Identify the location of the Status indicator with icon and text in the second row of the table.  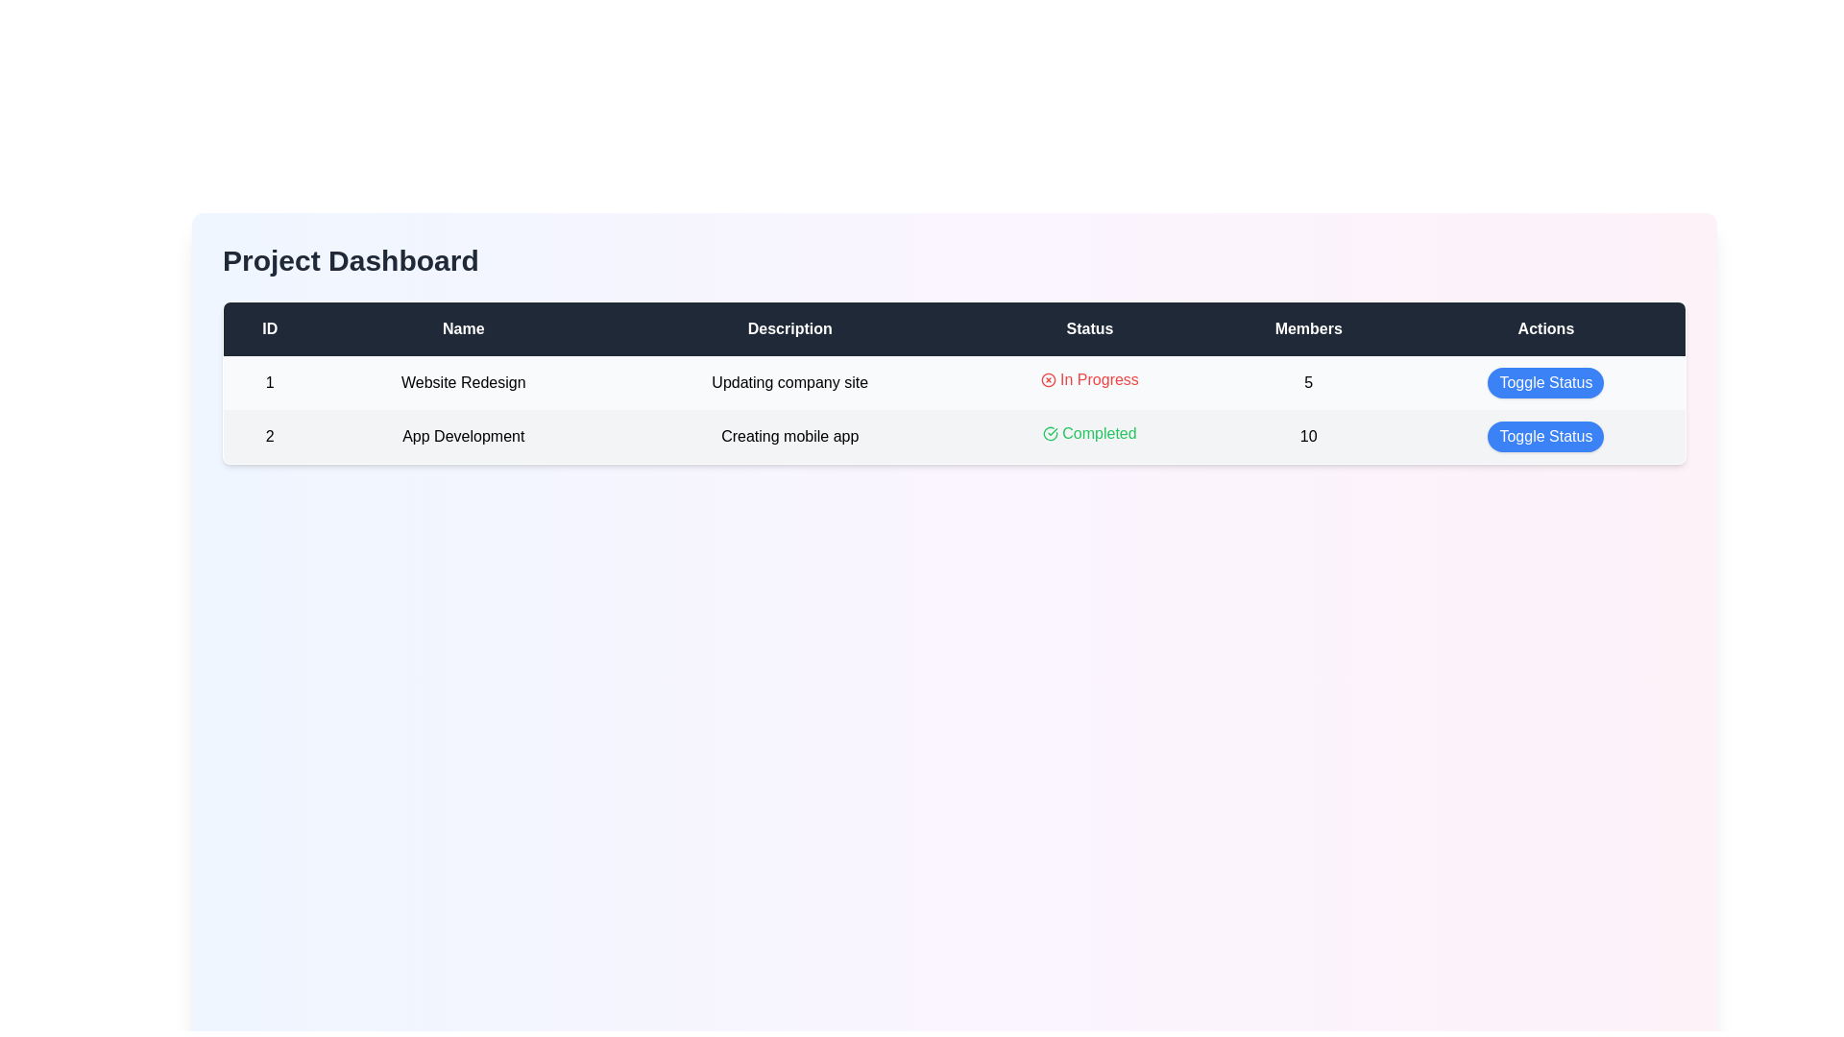
(1089, 433).